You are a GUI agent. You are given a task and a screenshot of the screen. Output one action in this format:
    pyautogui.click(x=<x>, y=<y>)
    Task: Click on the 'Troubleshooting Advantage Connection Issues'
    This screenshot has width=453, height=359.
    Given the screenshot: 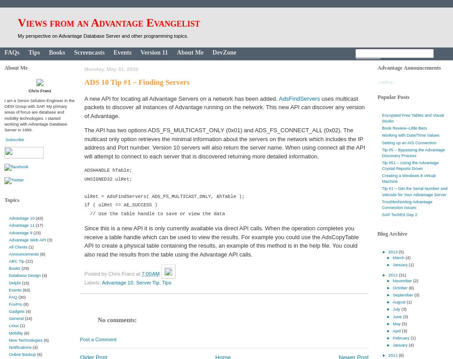 What is the action you would take?
    pyautogui.click(x=407, y=203)
    